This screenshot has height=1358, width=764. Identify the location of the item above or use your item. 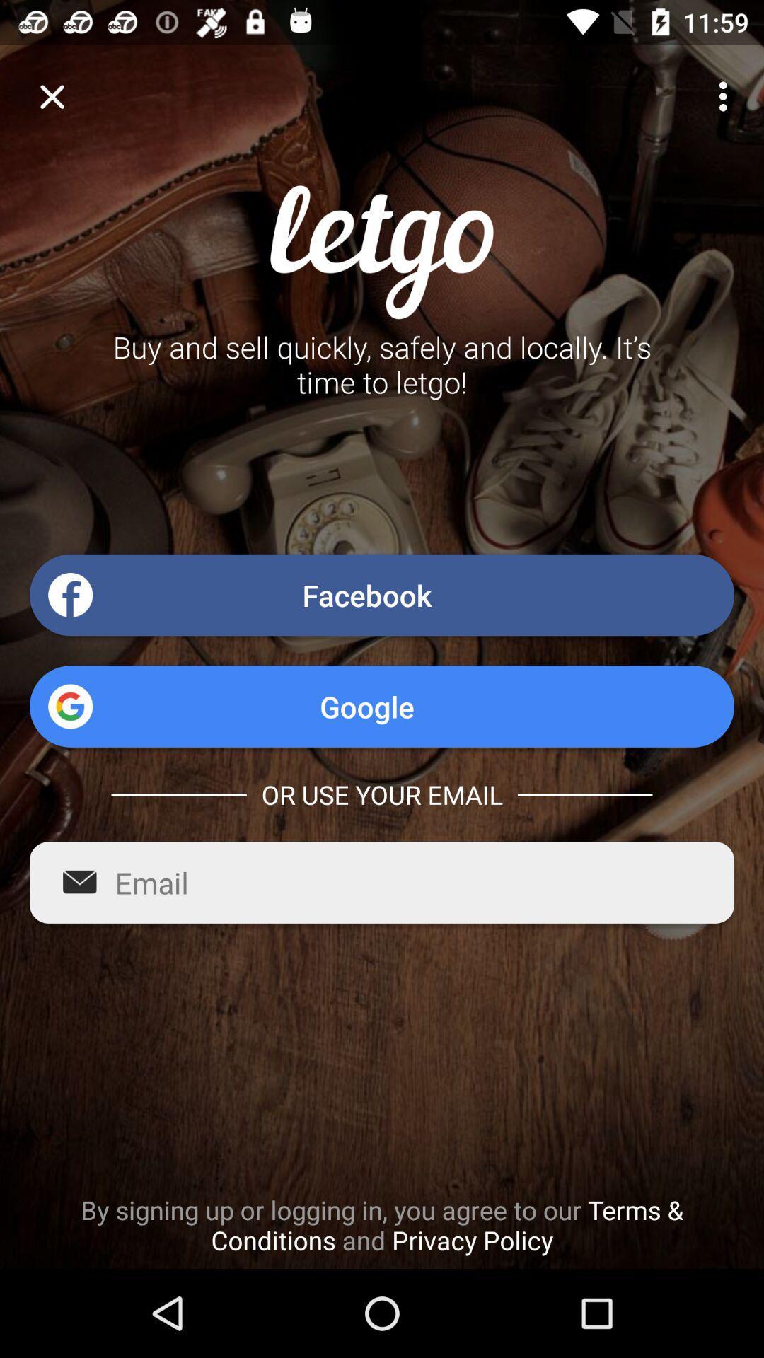
(382, 706).